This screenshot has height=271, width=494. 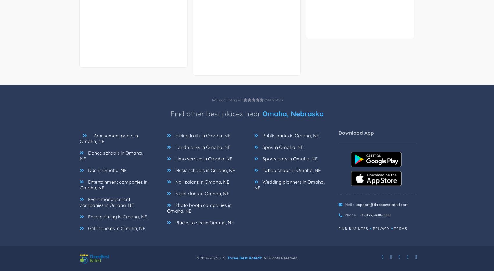 What do you see at coordinates (111, 156) in the screenshot?
I see `'Dance schools in Omaha, NE'` at bounding box center [111, 156].